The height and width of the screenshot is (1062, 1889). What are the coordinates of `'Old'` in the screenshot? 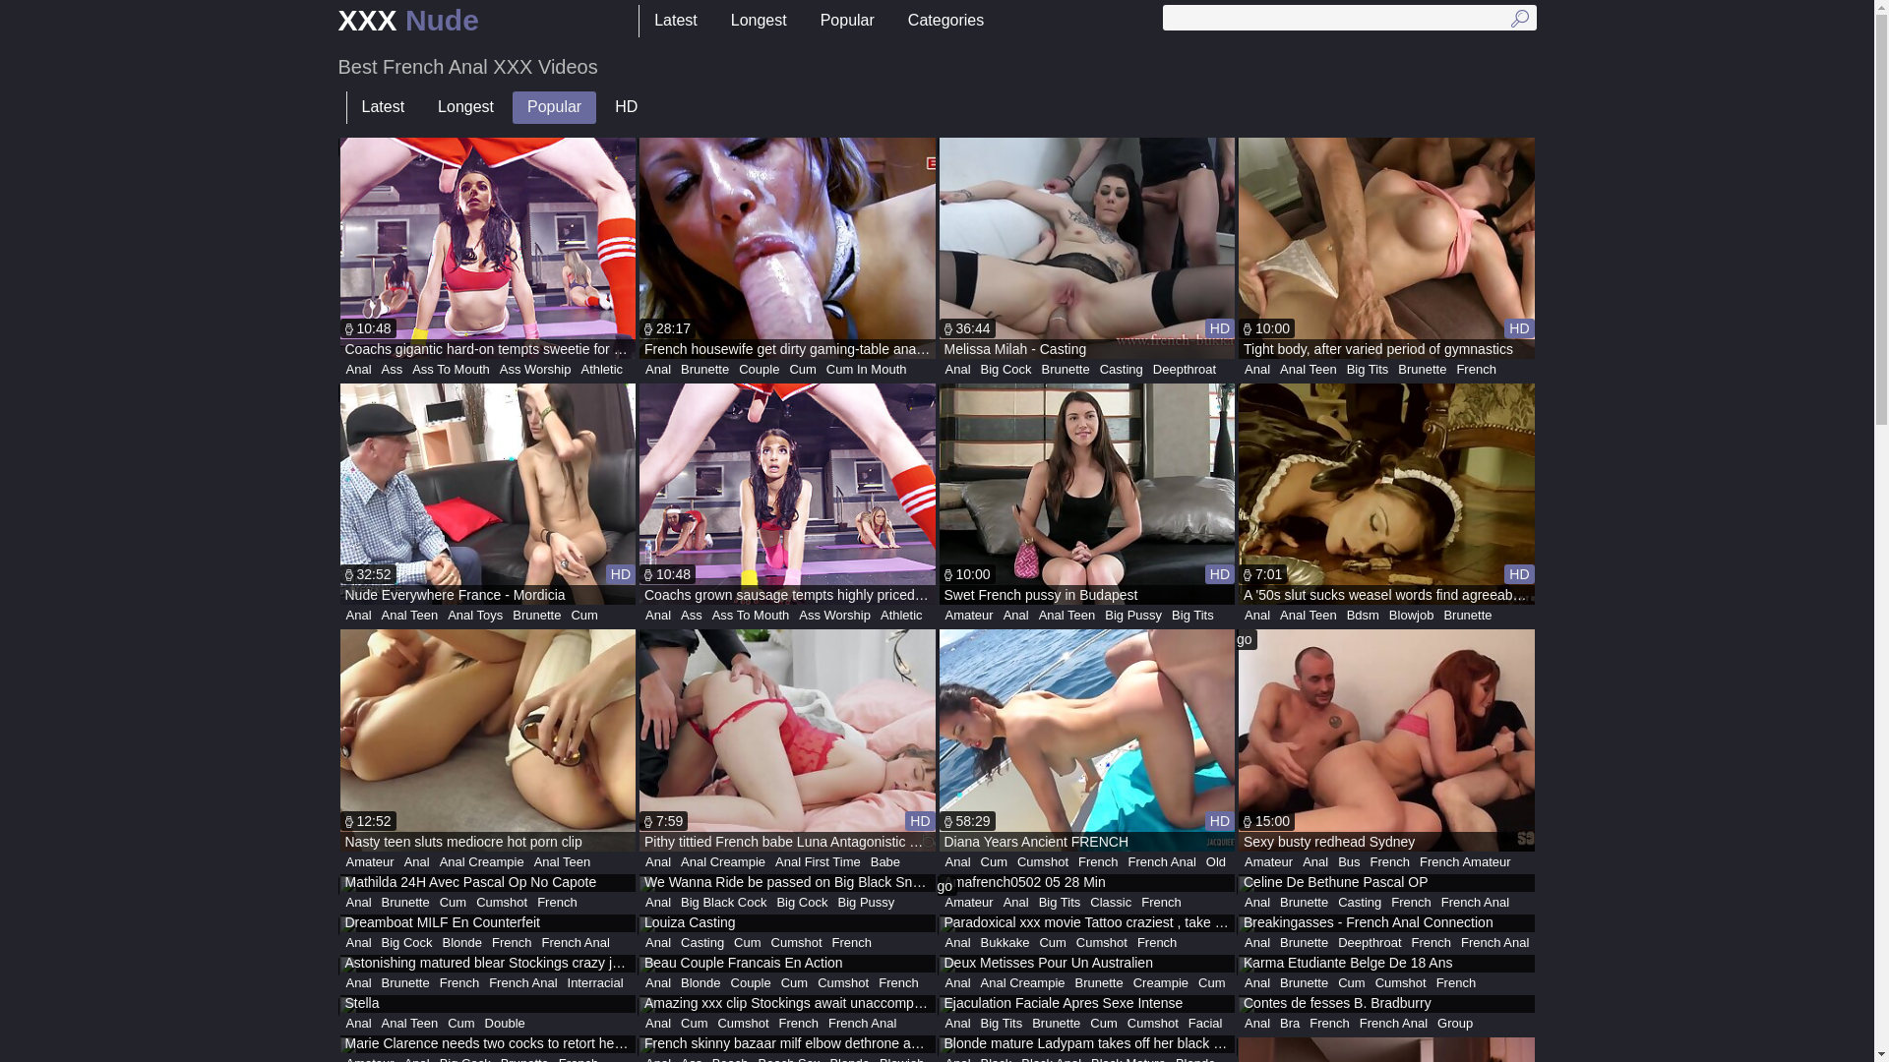 It's located at (1215, 860).